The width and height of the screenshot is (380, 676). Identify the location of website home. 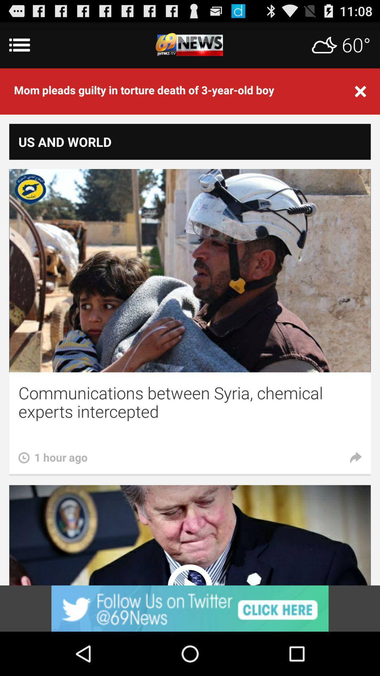
(190, 45).